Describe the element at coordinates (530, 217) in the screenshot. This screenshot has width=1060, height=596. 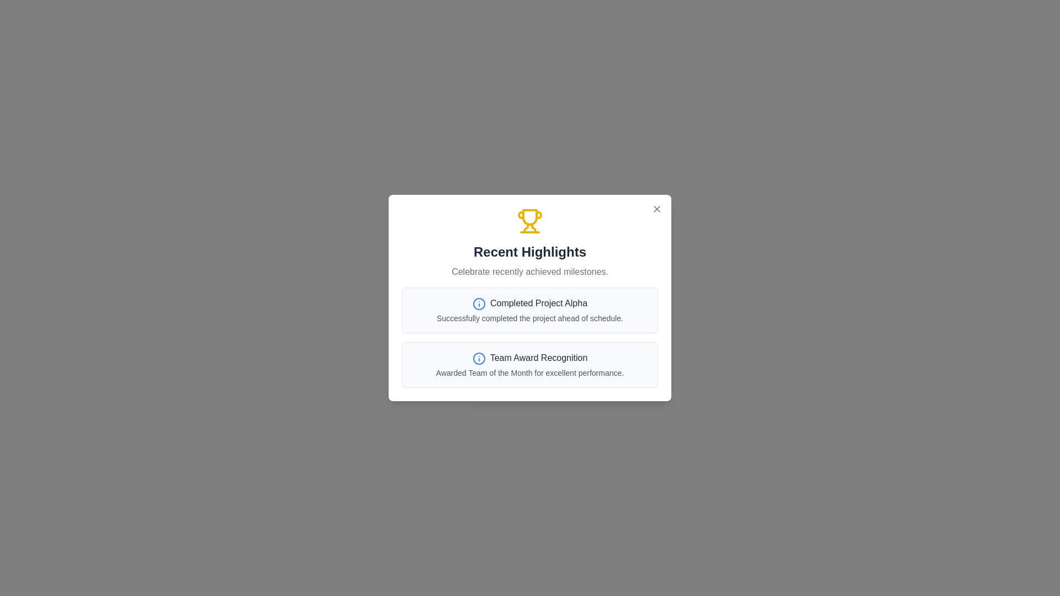
I see `the decorative graphical component within the trophy icon, which is located at the center of the trophy design in the popup window titled 'Recent Highlights'` at that location.